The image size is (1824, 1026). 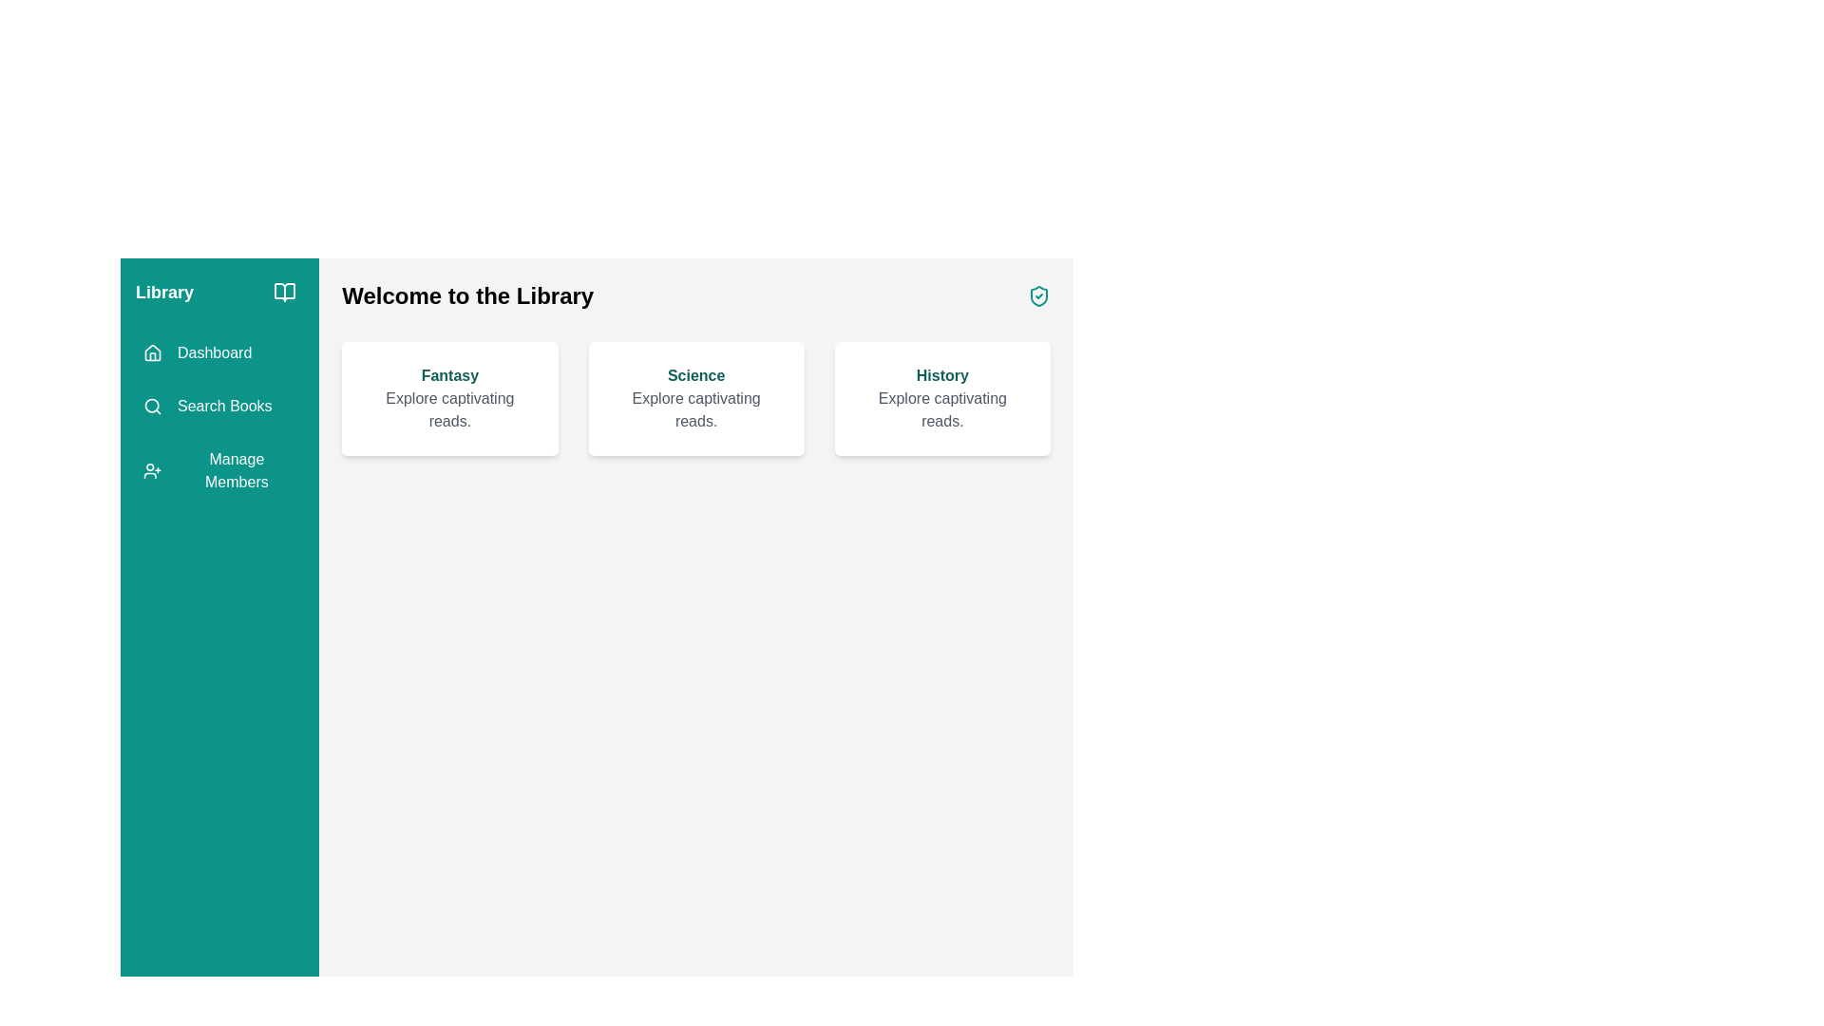 What do you see at coordinates (695, 398) in the screenshot?
I see `the 'Science' informational card, which is the second card in a horizontal row of three cards under the heading 'Welcome to the Library'` at bounding box center [695, 398].